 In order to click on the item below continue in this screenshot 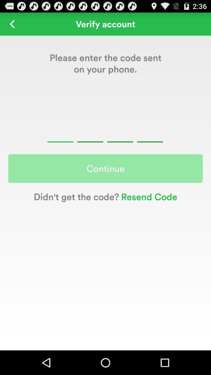, I will do `click(148, 196)`.